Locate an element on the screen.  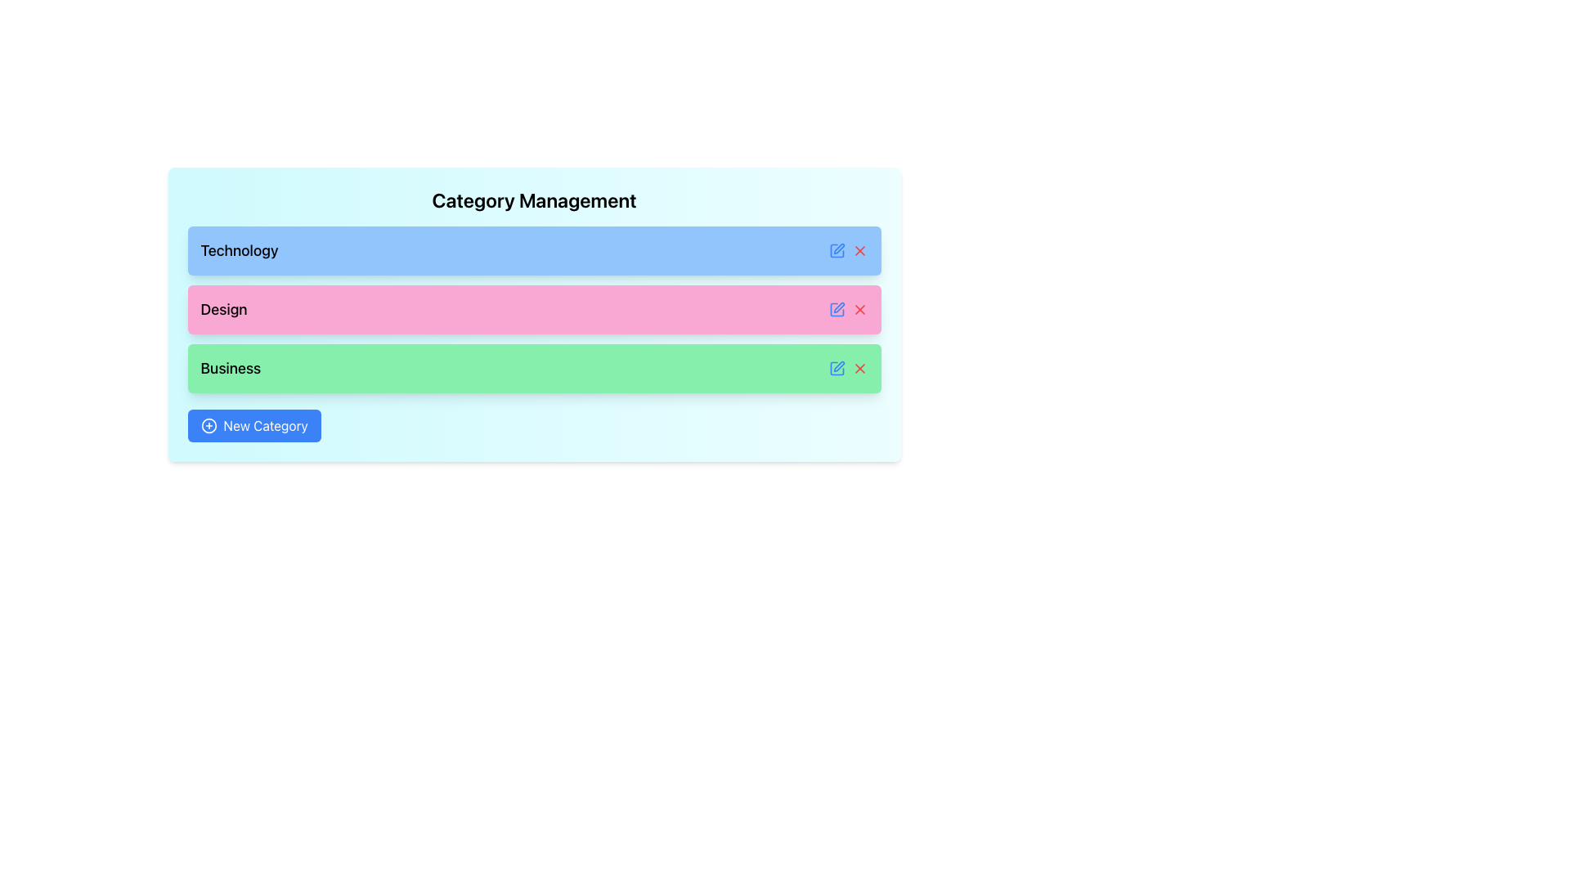
the circular plus icon within the 'New Category' button located in the bottom-left corner of the panel to interact with it is located at coordinates (207, 424).